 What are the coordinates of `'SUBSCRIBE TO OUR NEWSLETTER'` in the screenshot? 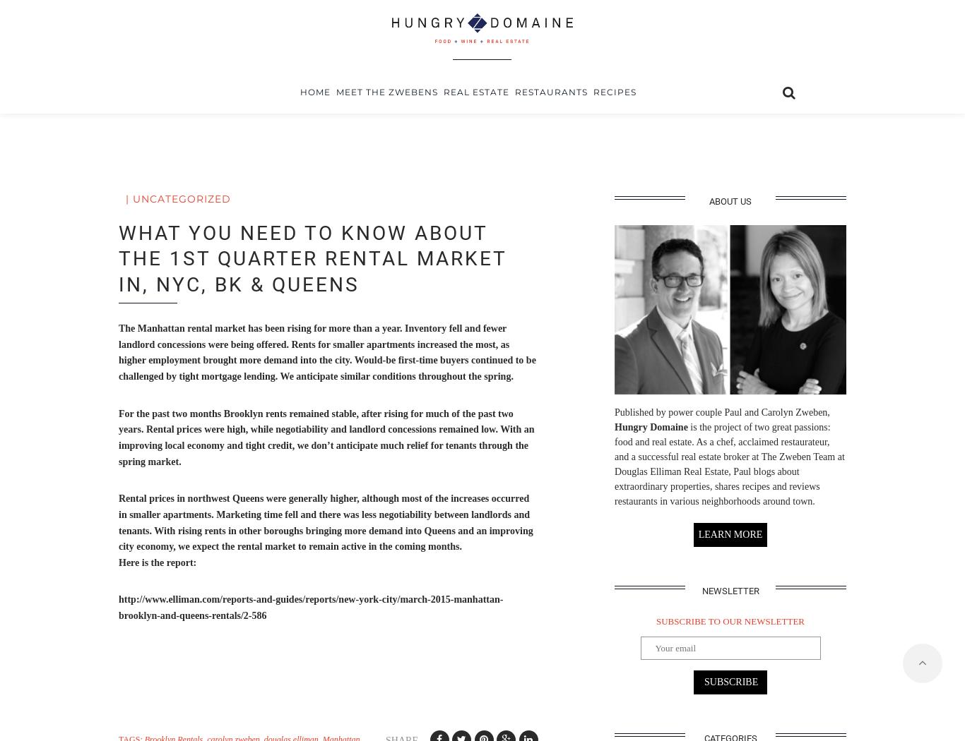 It's located at (729, 620).